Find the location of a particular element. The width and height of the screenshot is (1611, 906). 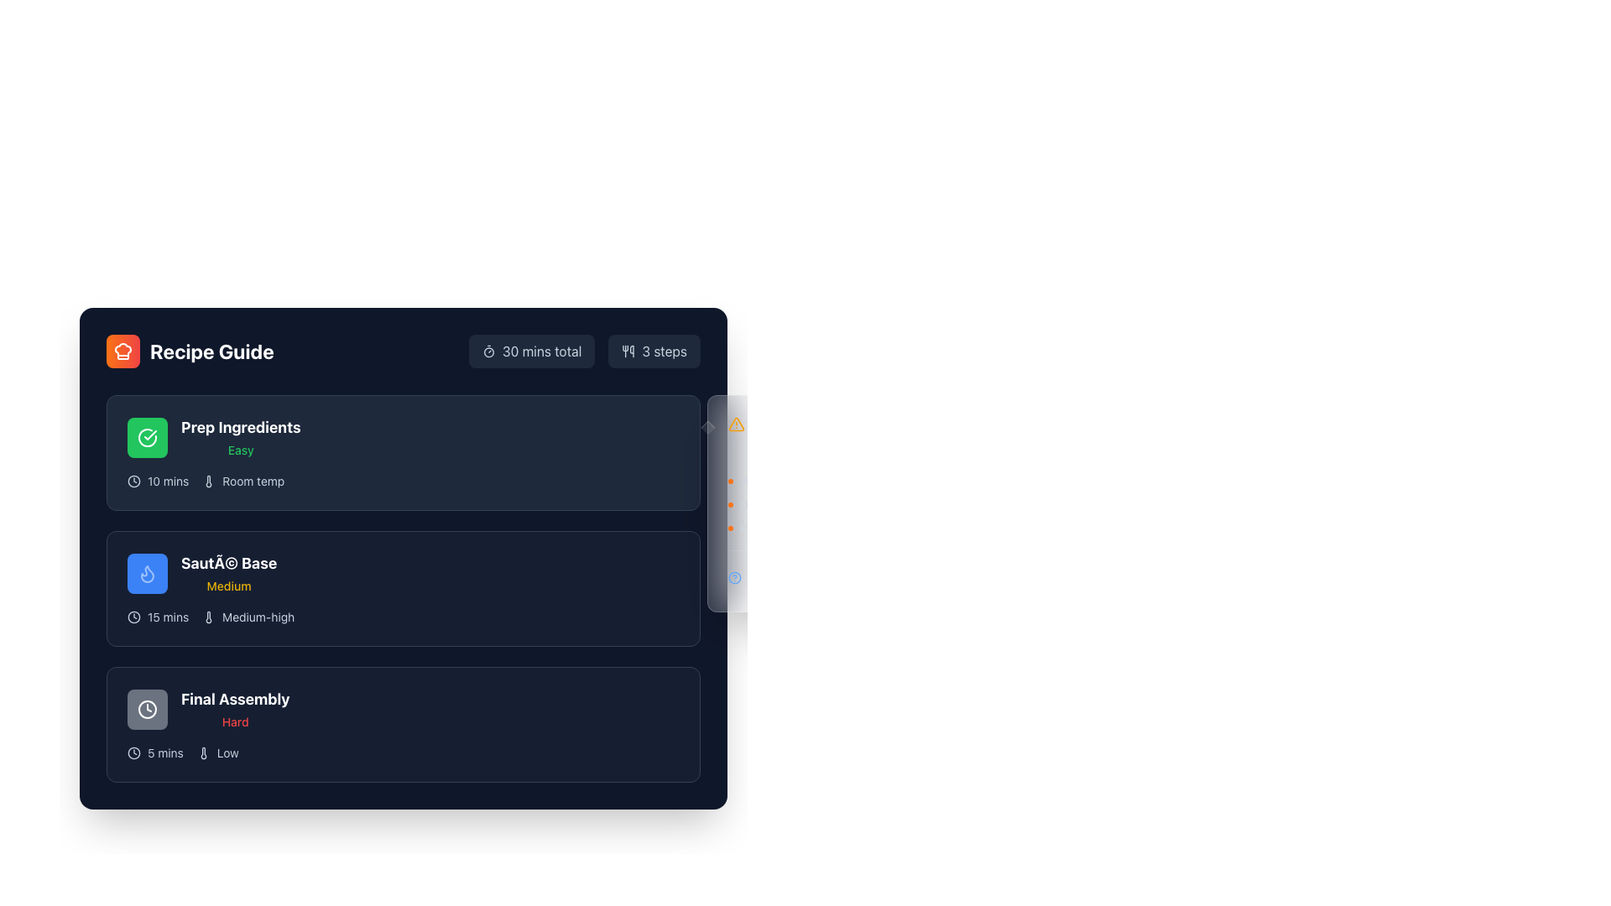

the 'Final Assembly' list item text is located at coordinates (207, 709).